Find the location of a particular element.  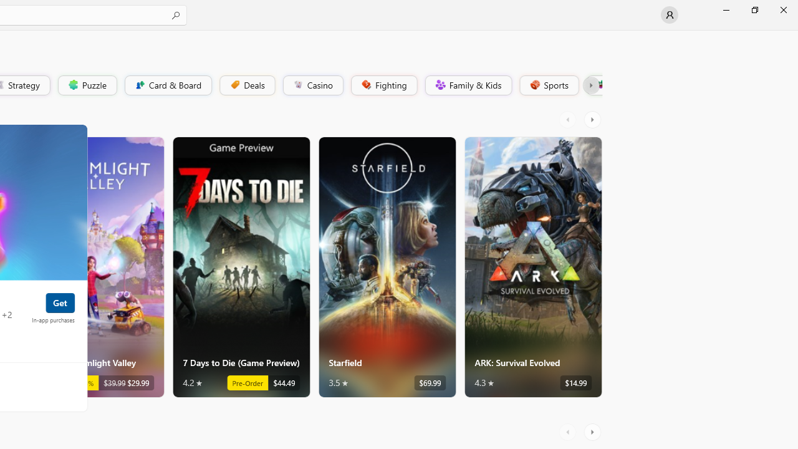

'Restore Microsoft Store' is located at coordinates (754, 9).